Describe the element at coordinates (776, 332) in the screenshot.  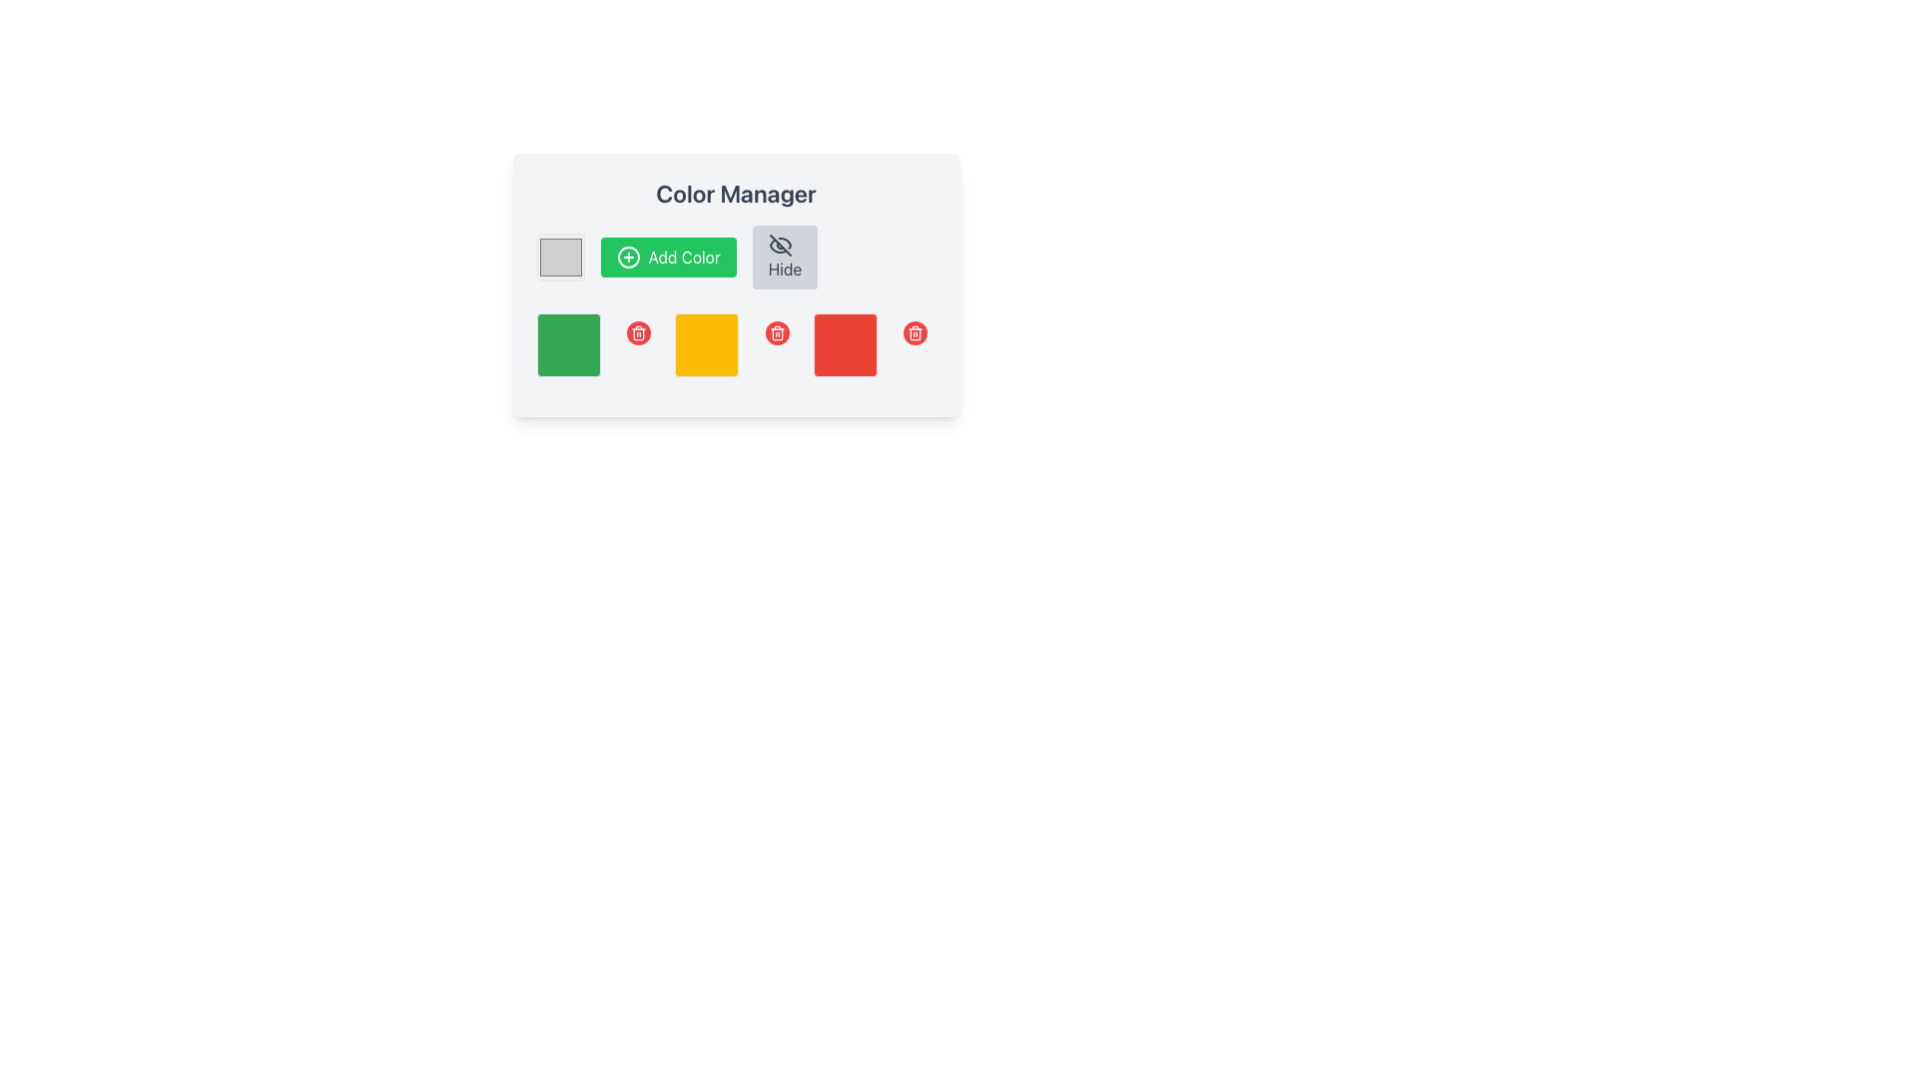
I see `the trash can icon button, which is visually represented with white strokes on a circular red background` at that location.